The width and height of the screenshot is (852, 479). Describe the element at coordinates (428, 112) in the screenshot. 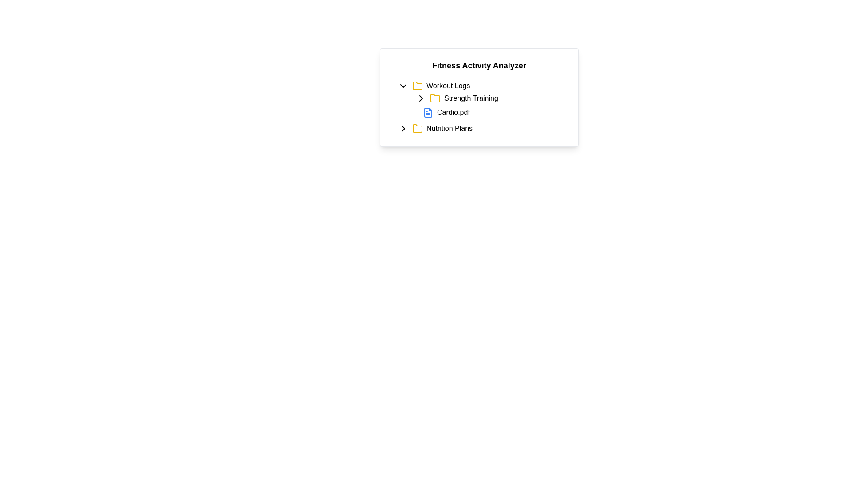

I see `the small blue document icon located to the immediate left of the 'Cardio.pdf' text label in the 'Strength Training' section under 'Workout Logs'` at that location.